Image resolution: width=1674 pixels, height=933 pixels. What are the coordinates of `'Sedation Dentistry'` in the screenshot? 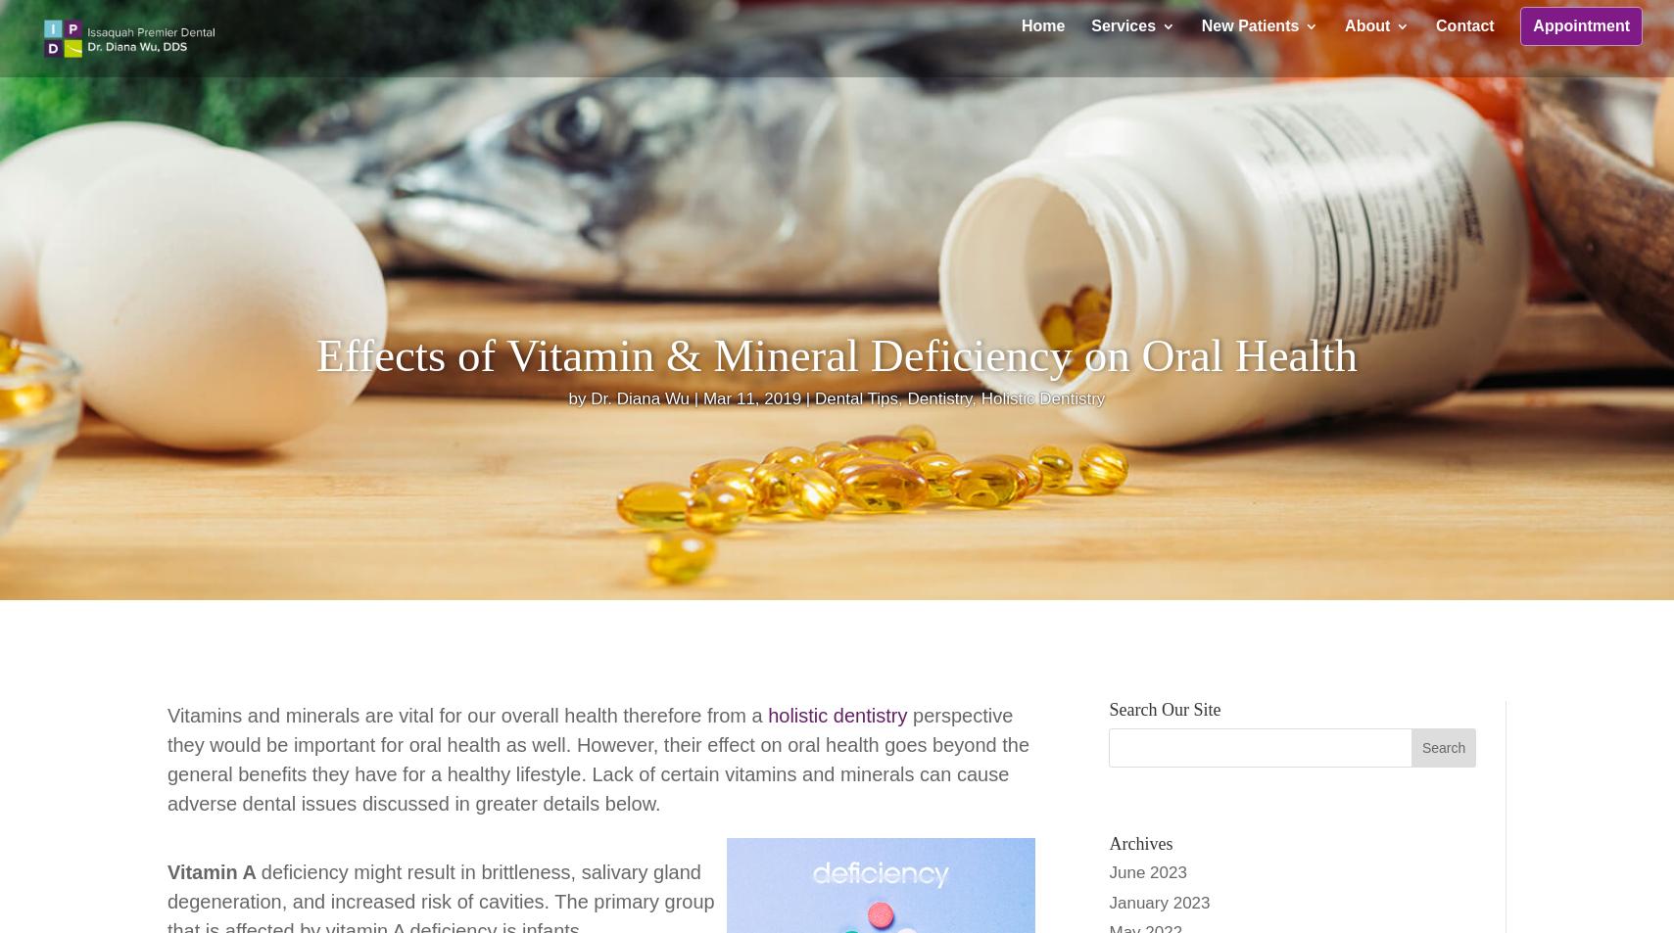 It's located at (1434, 165).